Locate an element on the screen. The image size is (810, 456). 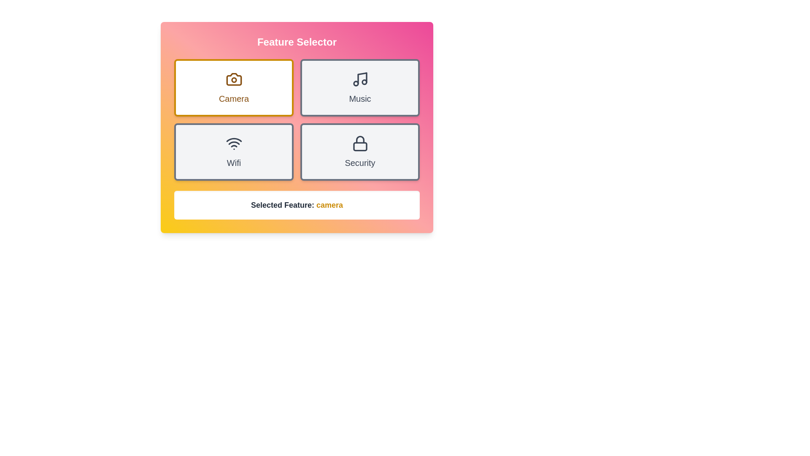
the text label indicating the currently selected feature, which reads 'Selected Feature: camera', located centrally below the feature options grid is located at coordinates (329, 205).